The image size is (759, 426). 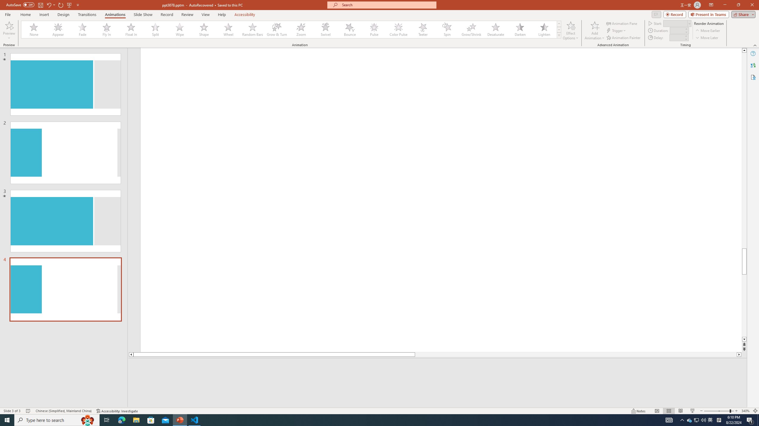 I want to click on 'AutomationID: AnimationGallery', so click(x=291, y=29).